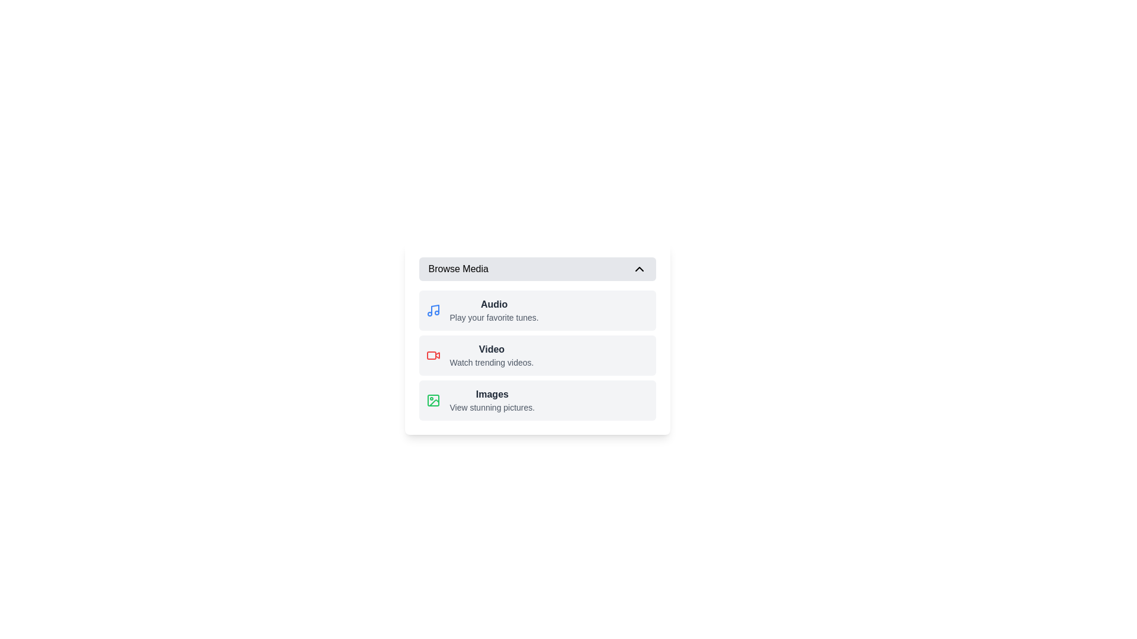 The image size is (1137, 639). I want to click on the 'View Images' button, so click(537, 400).